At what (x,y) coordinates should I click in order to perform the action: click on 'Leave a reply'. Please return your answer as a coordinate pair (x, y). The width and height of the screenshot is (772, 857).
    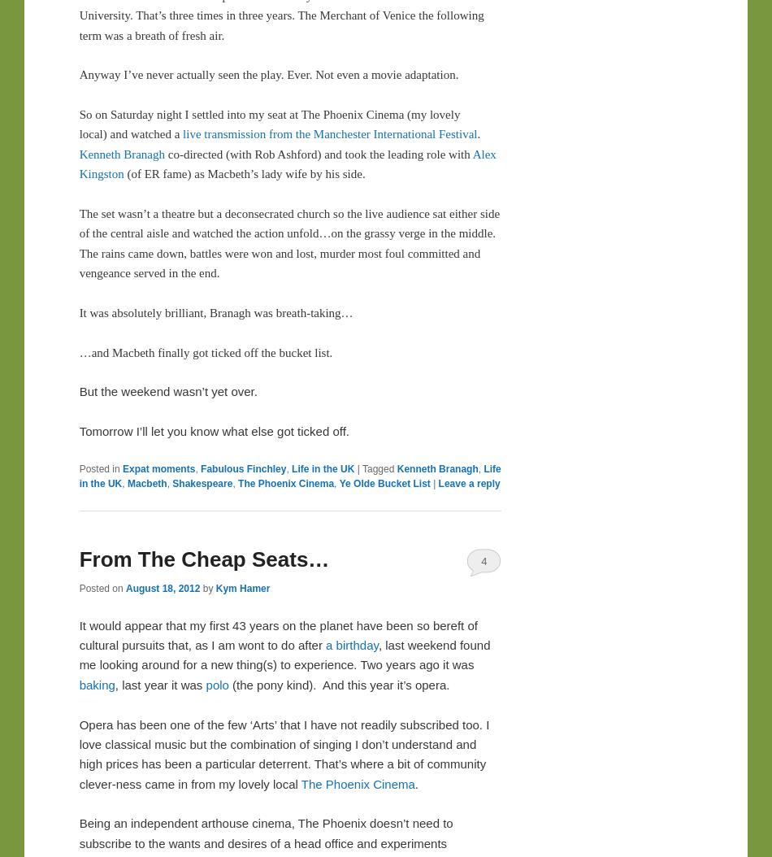
    Looking at the image, I should click on (469, 482).